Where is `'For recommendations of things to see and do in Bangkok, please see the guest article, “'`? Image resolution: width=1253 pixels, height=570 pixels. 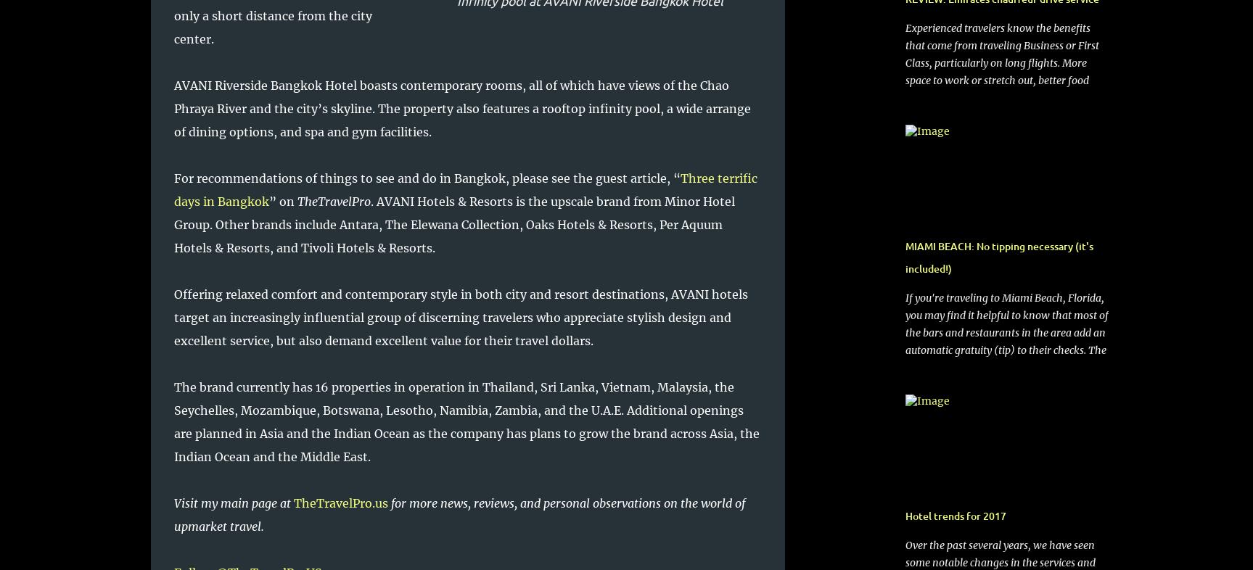 'For recommendations of things to see and do in Bangkok, please see the guest article, “' is located at coordinates (427, 178).